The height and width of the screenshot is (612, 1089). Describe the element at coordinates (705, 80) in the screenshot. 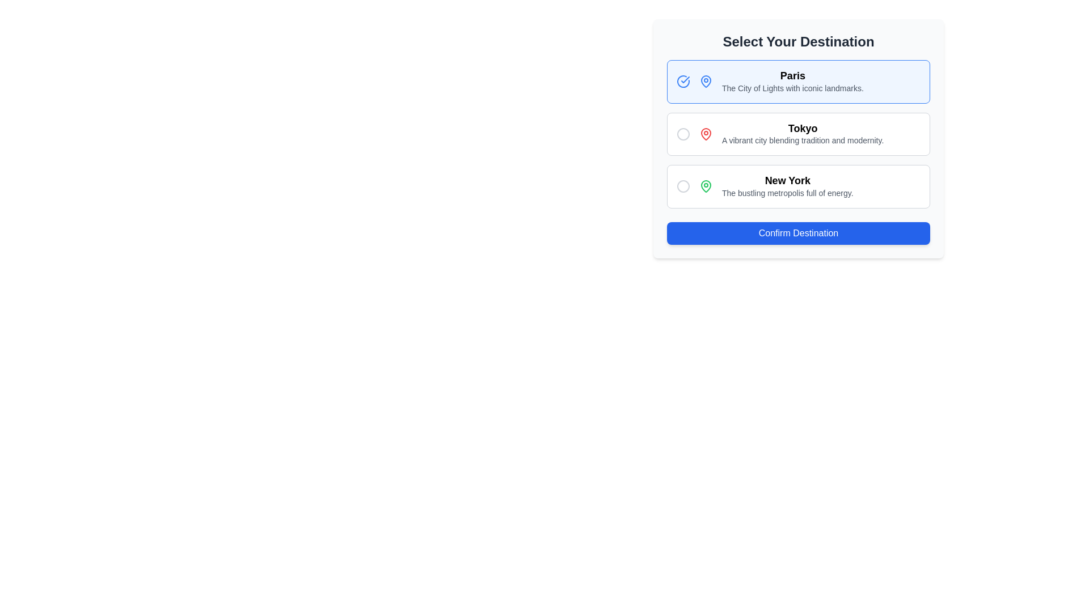

I see `the blue map pin icon located in the upper-right area of the 'Paris' selection card in the destination picker interface` at that location.